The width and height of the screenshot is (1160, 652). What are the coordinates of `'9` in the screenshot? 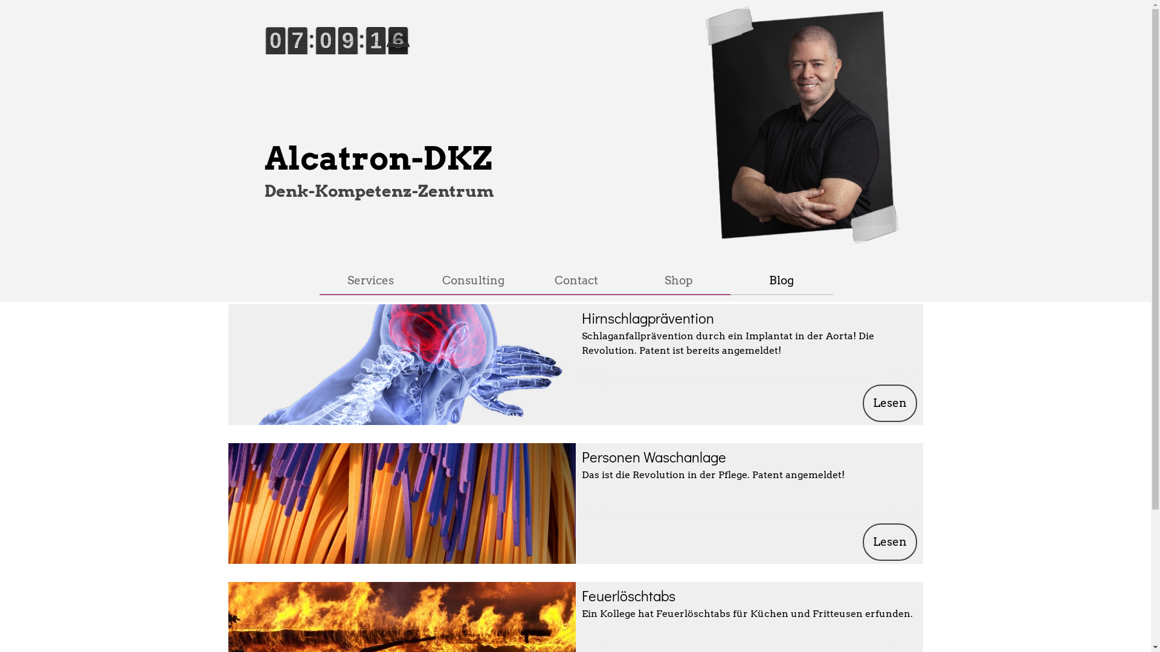 It's located at (333, 55).